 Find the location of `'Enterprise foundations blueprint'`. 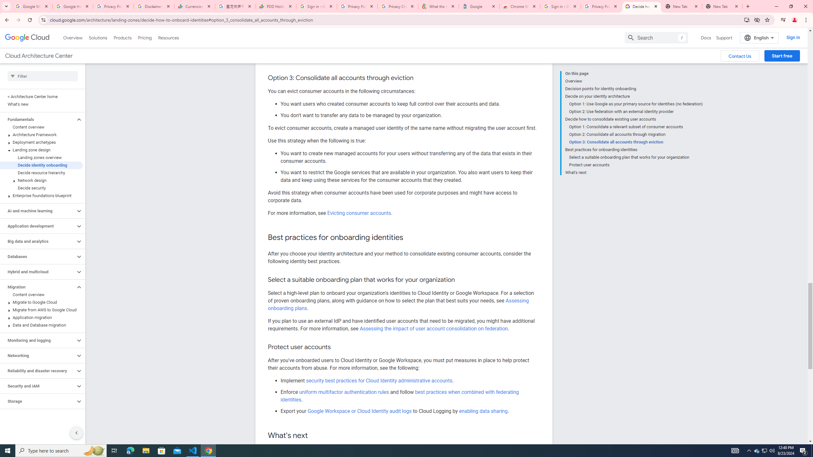

'Enterprise foundations blueprint' is located at coordinates (41, 195).